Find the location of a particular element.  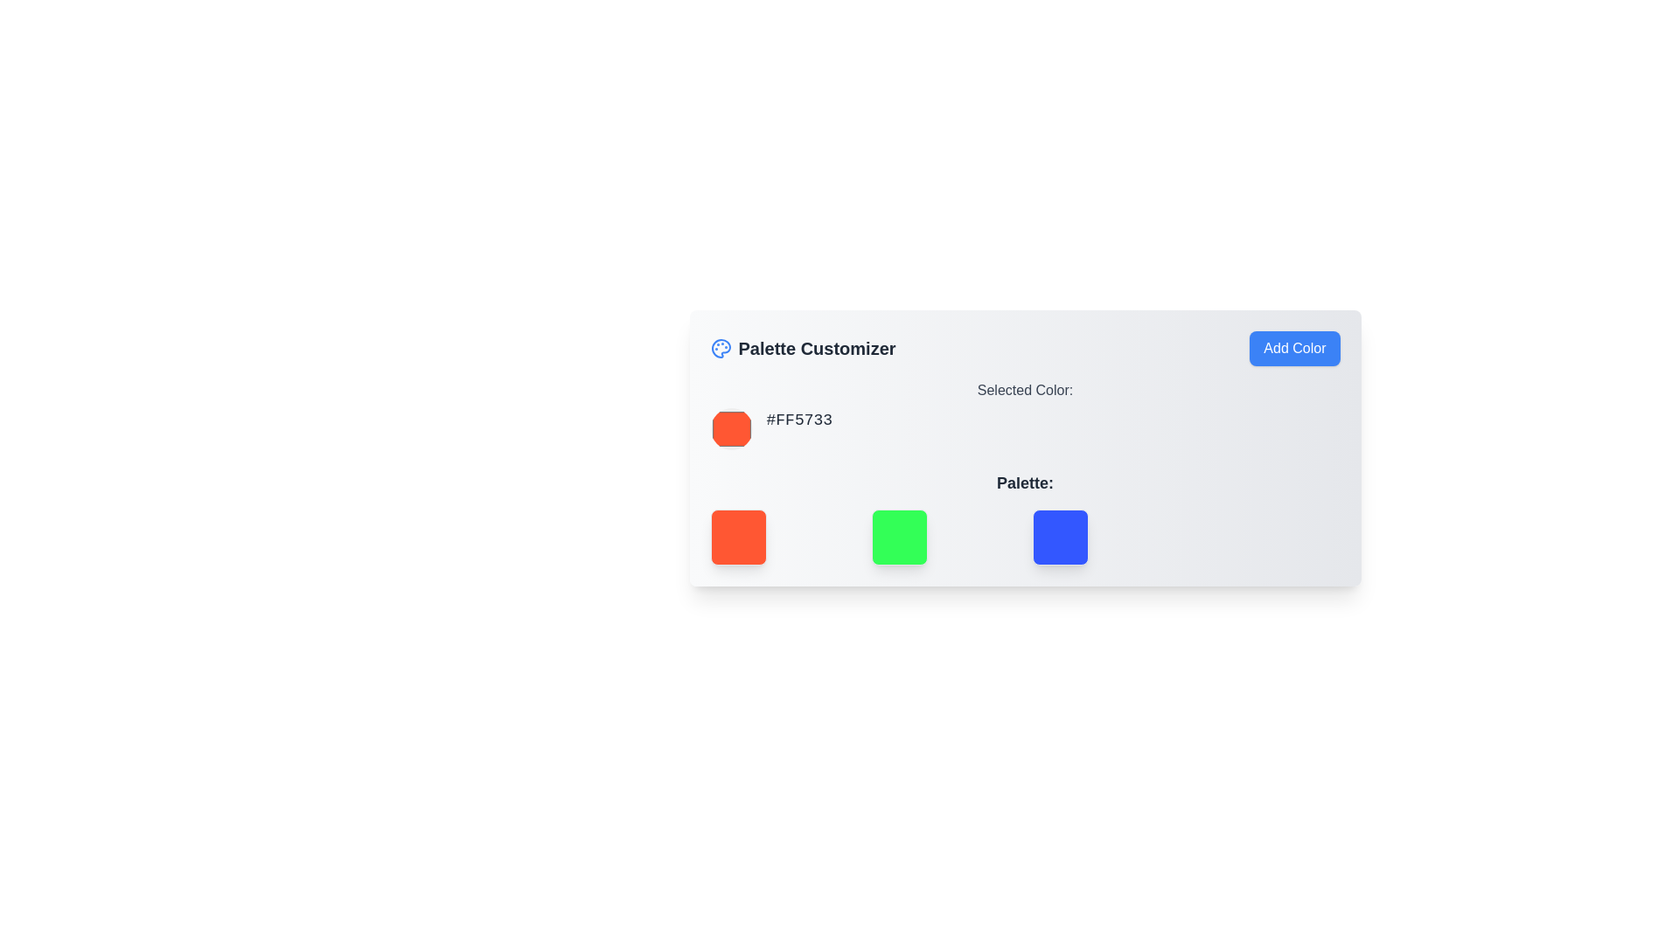

the color indicator and selector button located at the extreme left of the 'Palette Customizer' section is located at coordinates (731, 428).